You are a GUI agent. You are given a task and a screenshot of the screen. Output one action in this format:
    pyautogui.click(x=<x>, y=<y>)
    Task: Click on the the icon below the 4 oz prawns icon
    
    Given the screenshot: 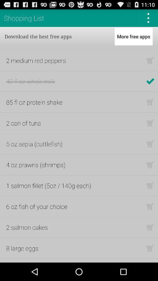 What is the action you would take?
    pyautogui.click(x=48, y=185)
    